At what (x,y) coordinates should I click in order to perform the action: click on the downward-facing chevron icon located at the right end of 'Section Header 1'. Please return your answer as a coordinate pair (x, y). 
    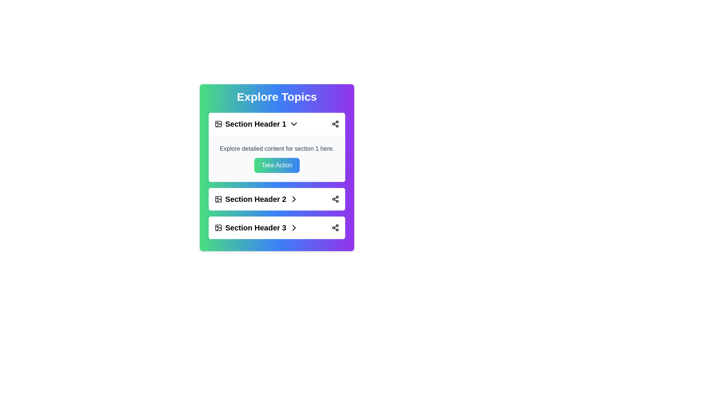
    Looking at the image, I should click on (294, 124).